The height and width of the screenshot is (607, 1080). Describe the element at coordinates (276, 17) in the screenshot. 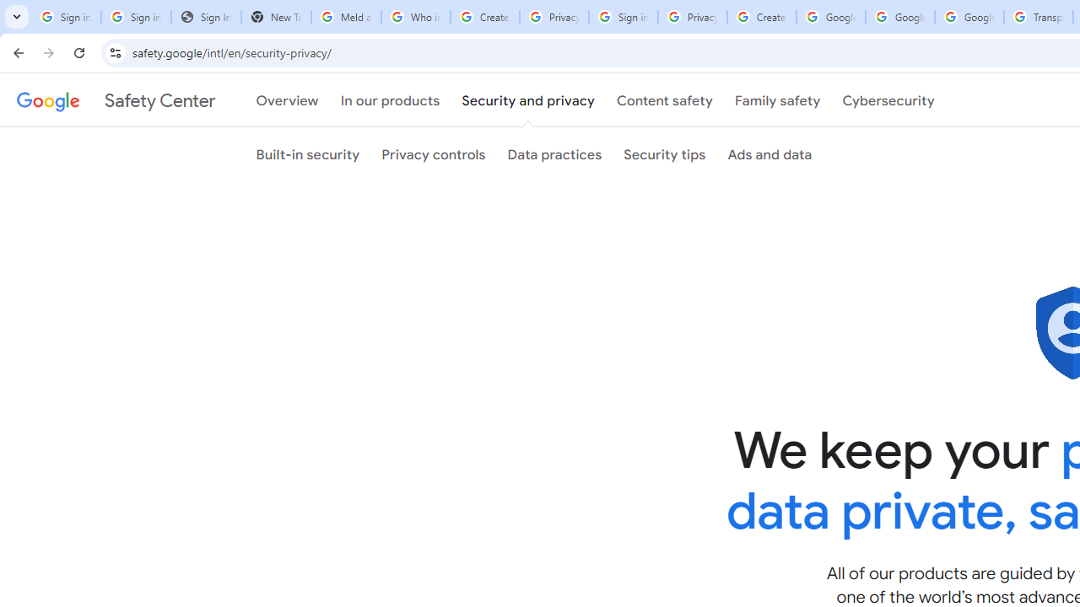

I see `'New Tab'` at that location.